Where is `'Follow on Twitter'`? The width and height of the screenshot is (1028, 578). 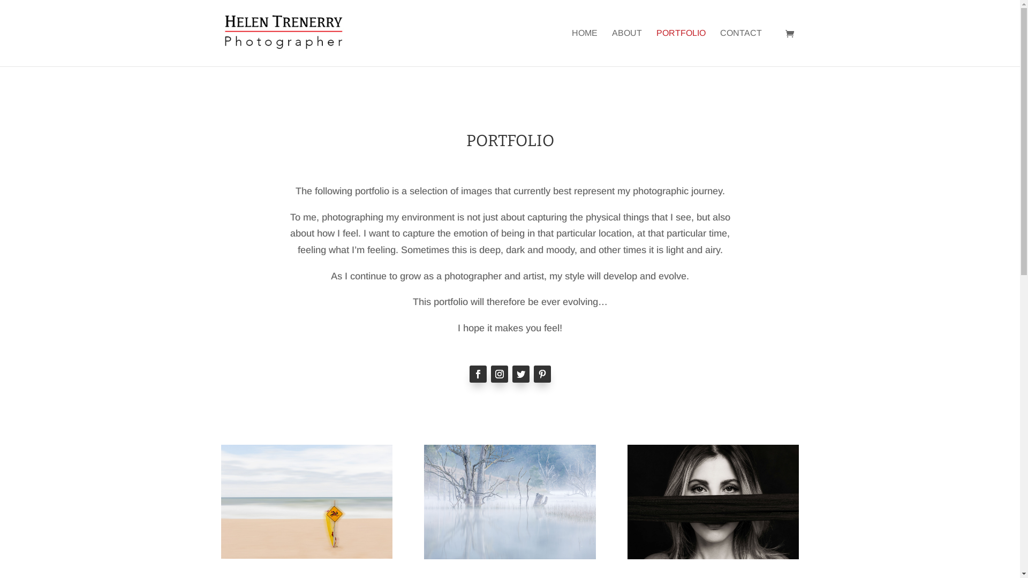 'Follow on Twitter' is located at coordinates (520, 373).